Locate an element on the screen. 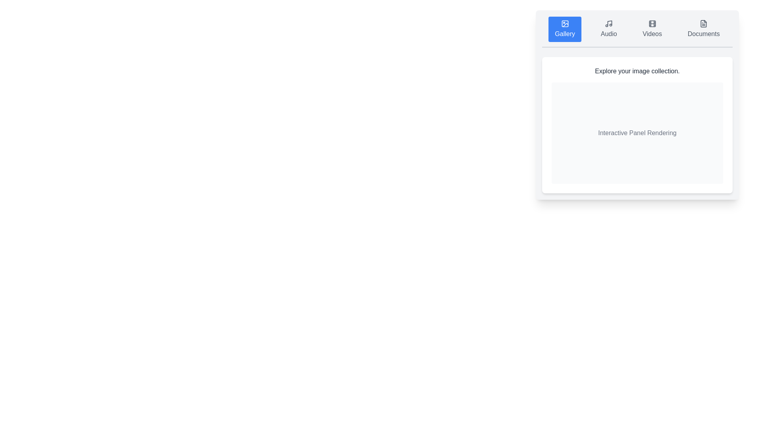 This screenshot has width=762, height=428. the tab labeled Audio to observe its hover effects is located at coordinates (608, 29).